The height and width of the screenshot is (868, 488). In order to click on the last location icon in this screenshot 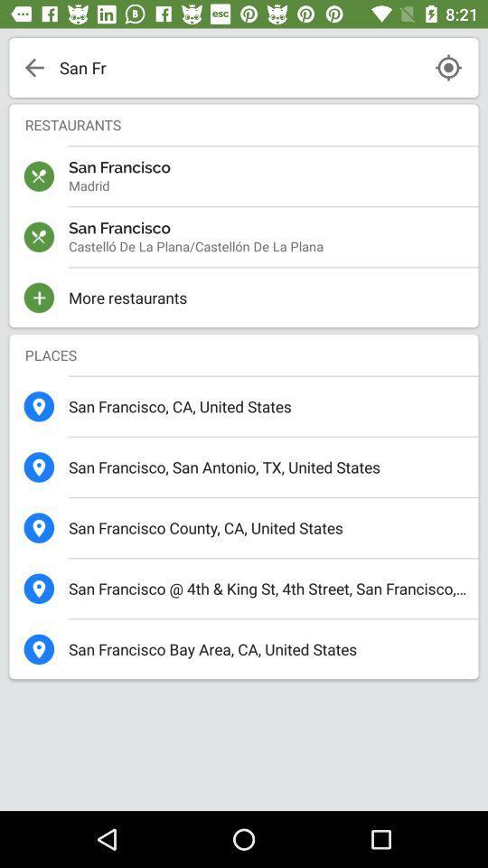, I will do `click(39, 649)`.